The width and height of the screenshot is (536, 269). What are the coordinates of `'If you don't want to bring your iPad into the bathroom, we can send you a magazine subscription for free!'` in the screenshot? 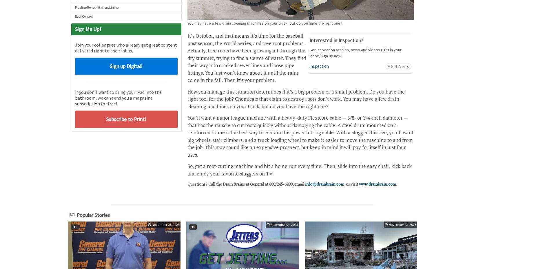 It's located at (74, 98).